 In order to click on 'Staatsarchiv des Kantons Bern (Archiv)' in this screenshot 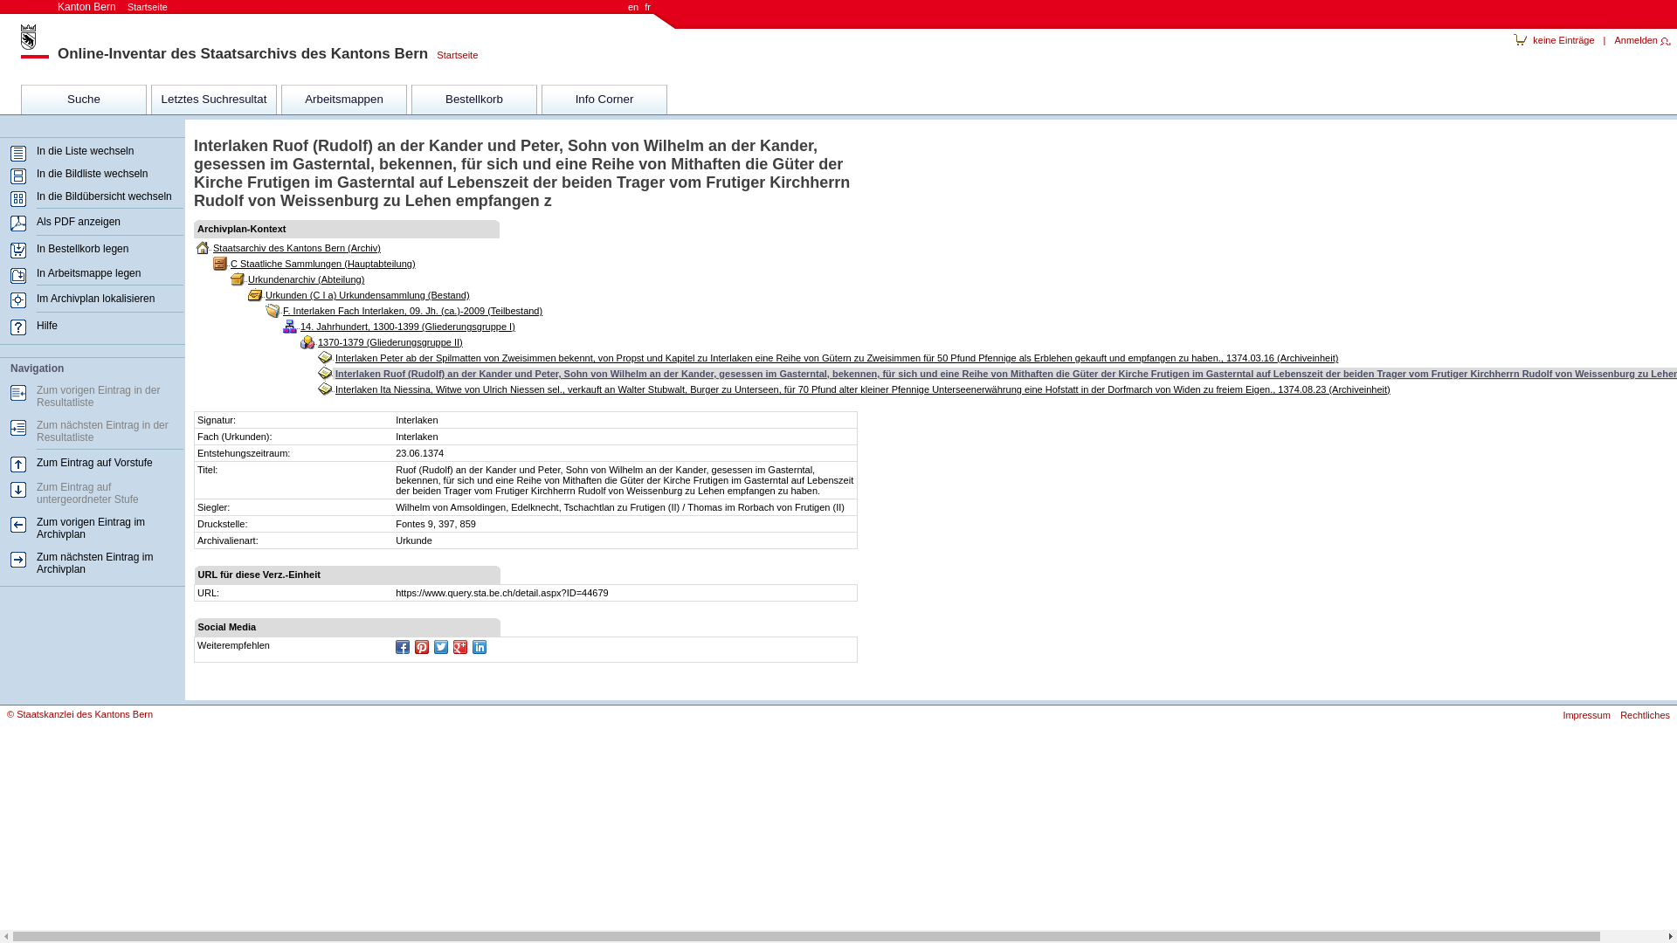, I will do `click(296, 248)`.